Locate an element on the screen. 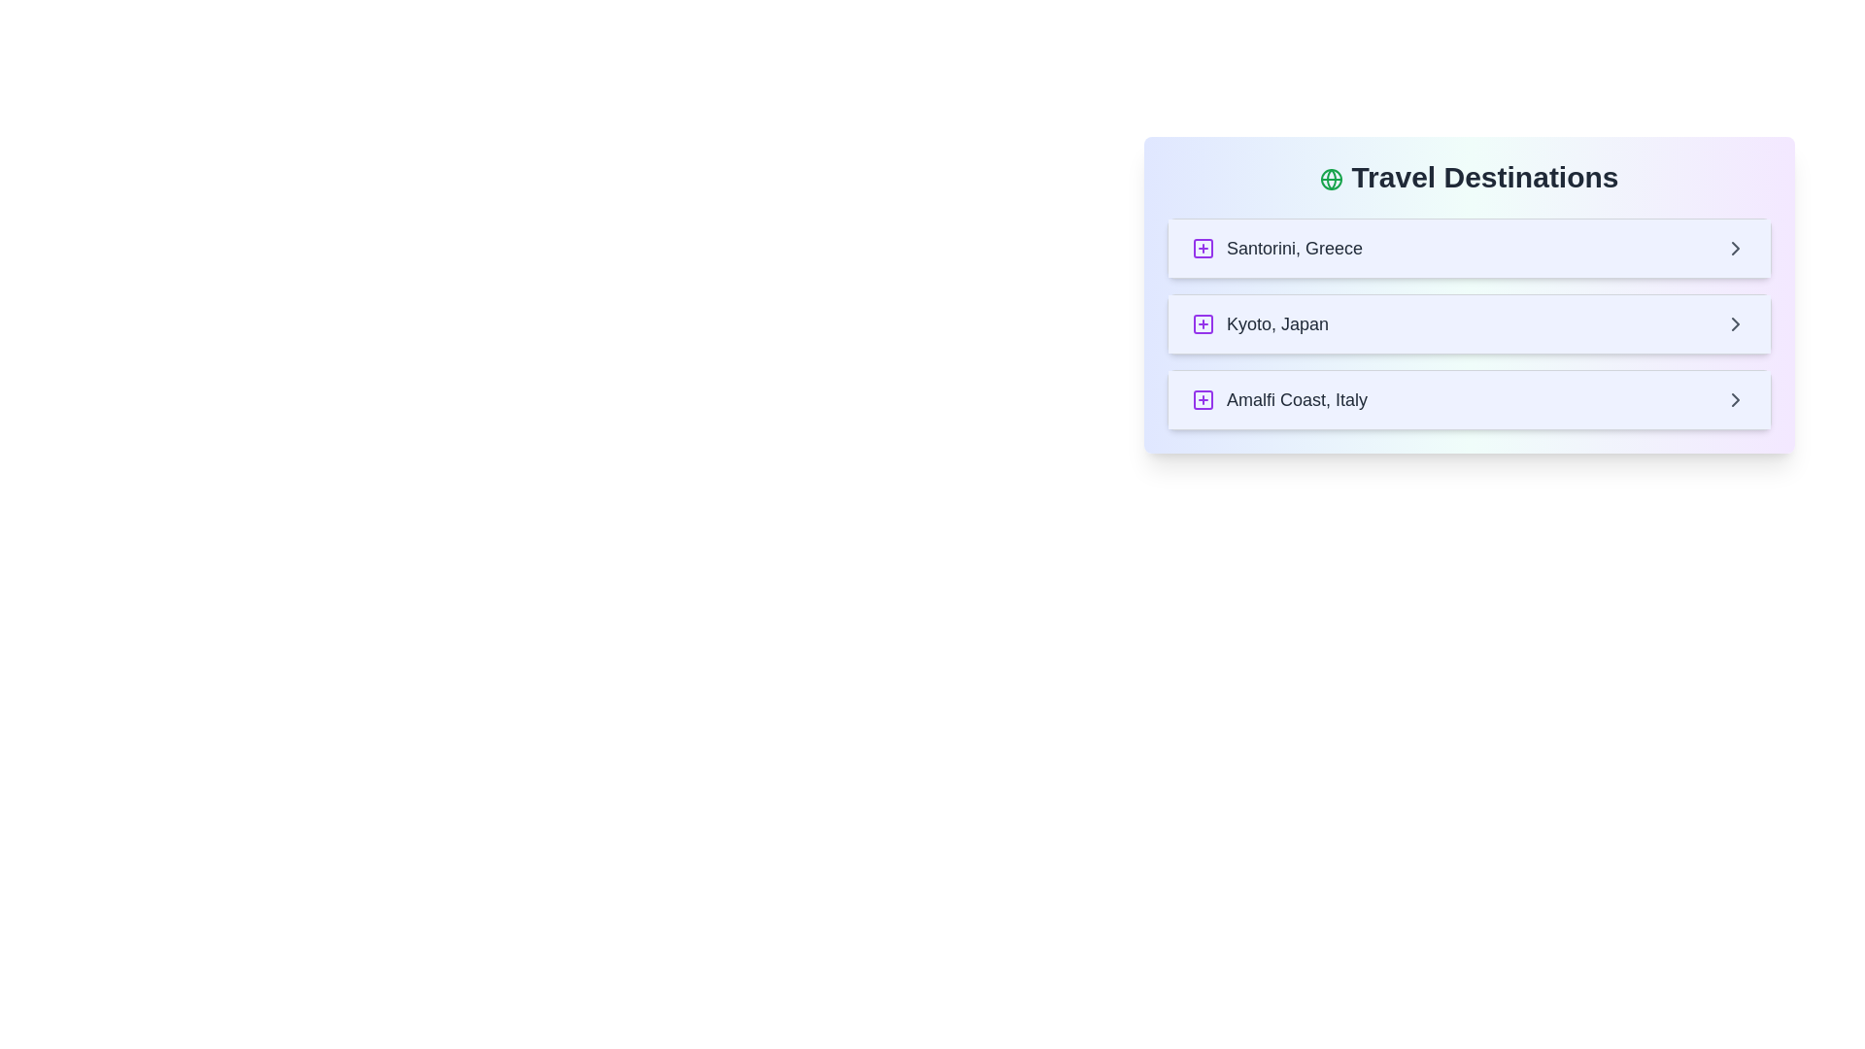 This screenshot has height=1049, width=1865. the right-pointing chevron-shaped arrow icon that is part of the 'Kyoto, Japan' travel destination option is located at coordinates (1735, 323).